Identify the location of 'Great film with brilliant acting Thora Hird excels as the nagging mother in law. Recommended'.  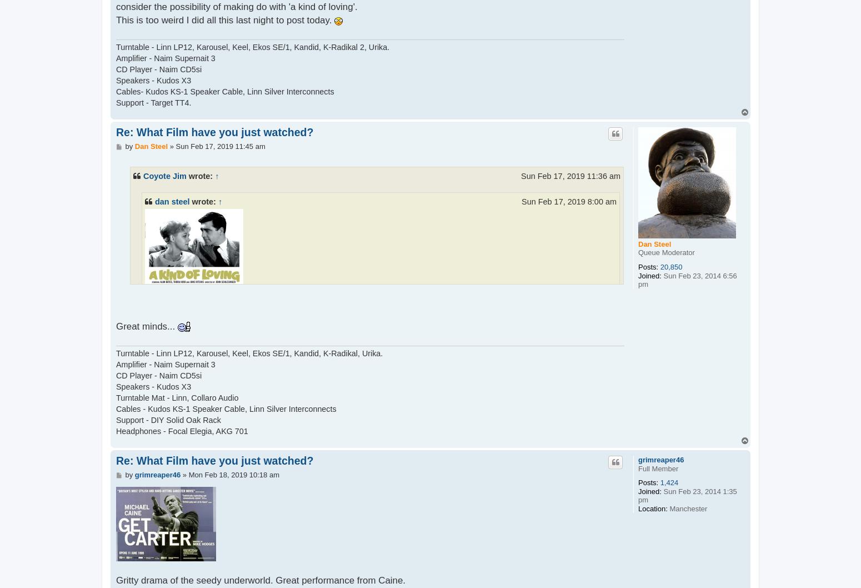
(145, 458).